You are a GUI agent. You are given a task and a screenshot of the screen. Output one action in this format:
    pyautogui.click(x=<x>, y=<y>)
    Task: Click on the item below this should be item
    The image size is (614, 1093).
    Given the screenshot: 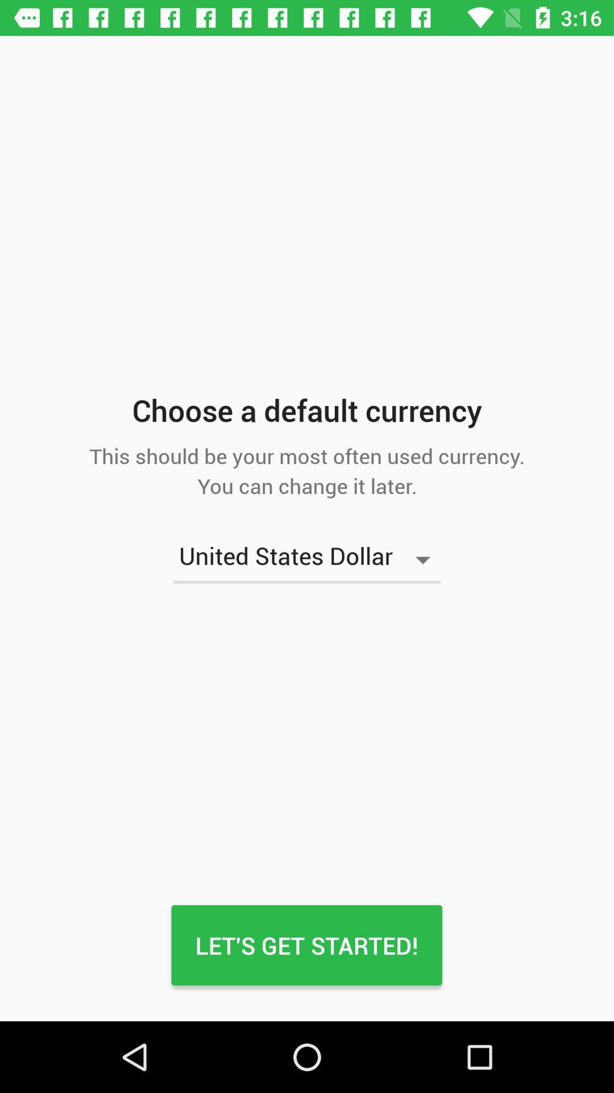 What is the action you would take?
    pyautogui.click(x=307, y=560)
    